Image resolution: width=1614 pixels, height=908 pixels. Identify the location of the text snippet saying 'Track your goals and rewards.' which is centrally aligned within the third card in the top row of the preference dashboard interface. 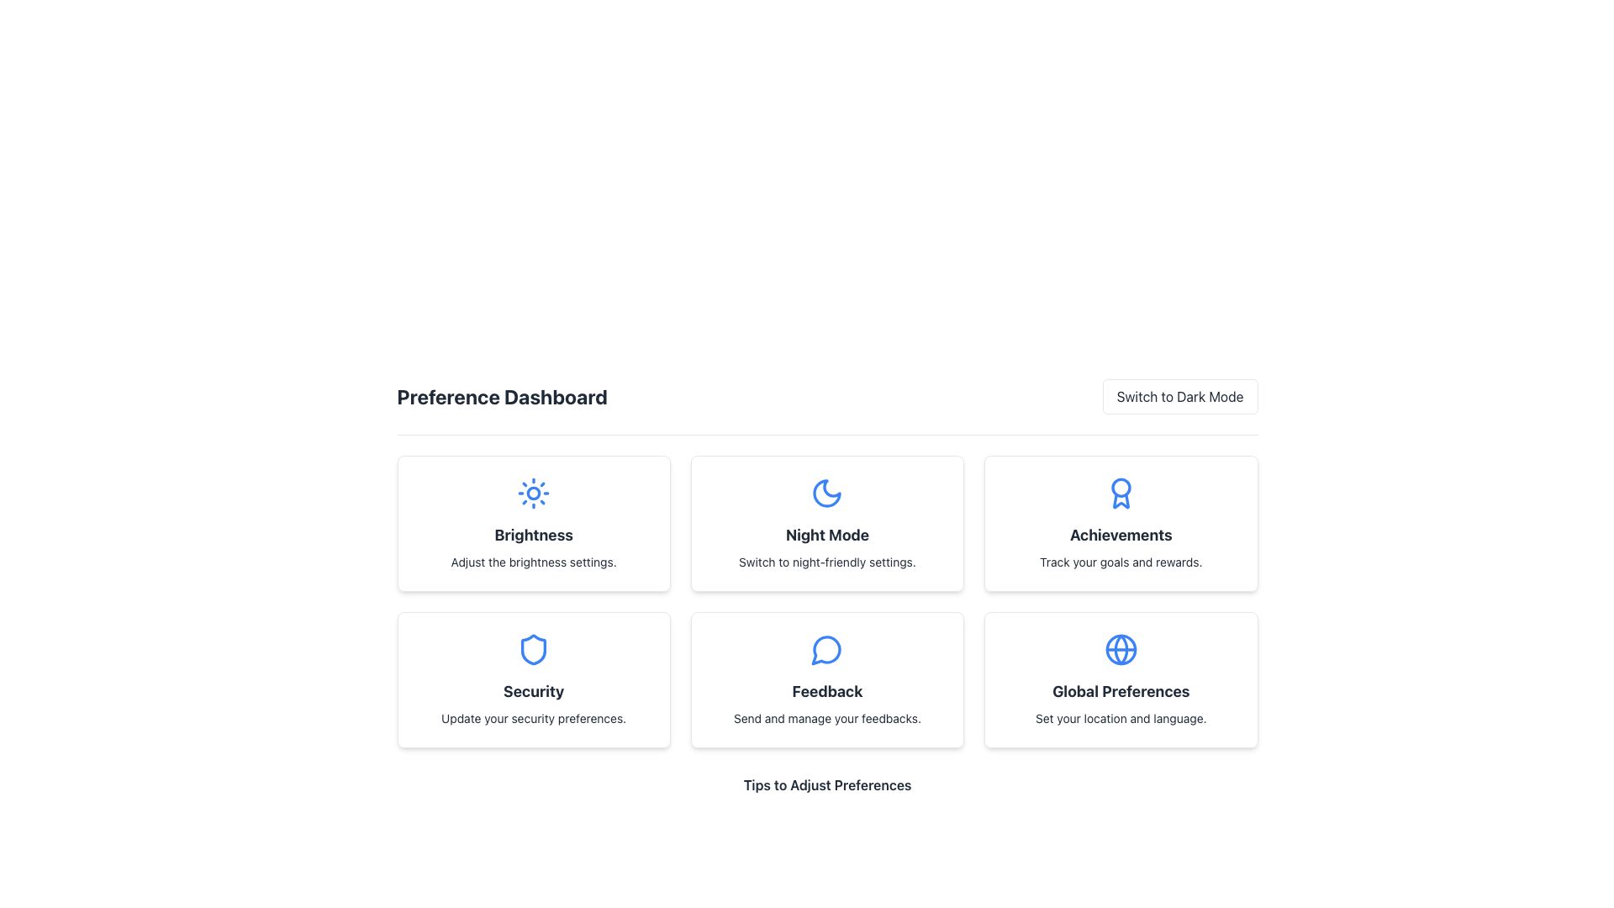
(1121, 562).